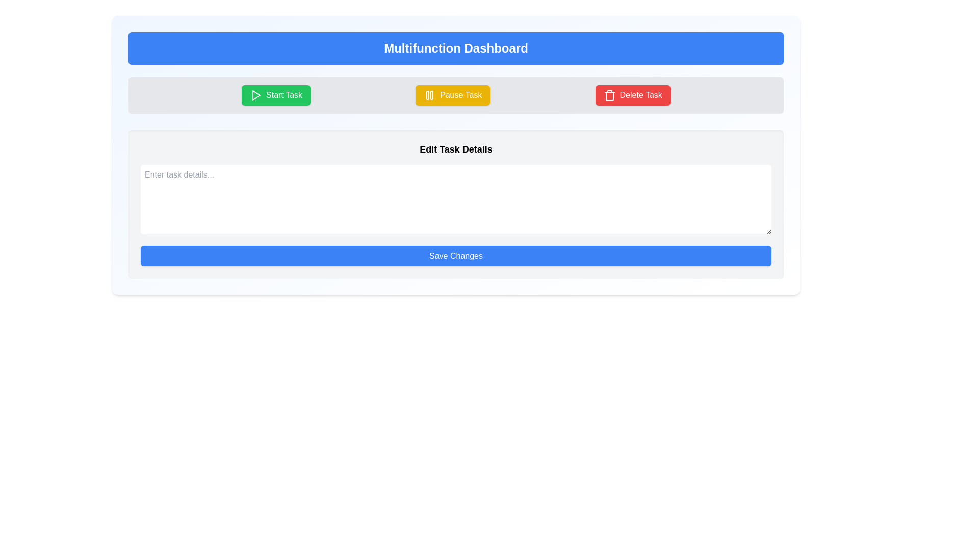 The width and height of the screenshot is (979, 551). I want to click on the triangular-shaped play button icon located on the left side of the 'Start Task' button within the green rounded button to initiate its function, so click(256, 95).